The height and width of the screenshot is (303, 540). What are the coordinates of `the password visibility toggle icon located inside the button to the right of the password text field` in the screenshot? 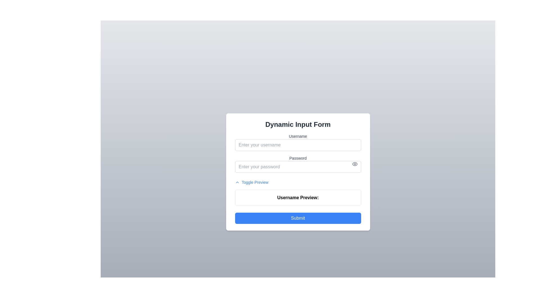 It's located at (354, 164).